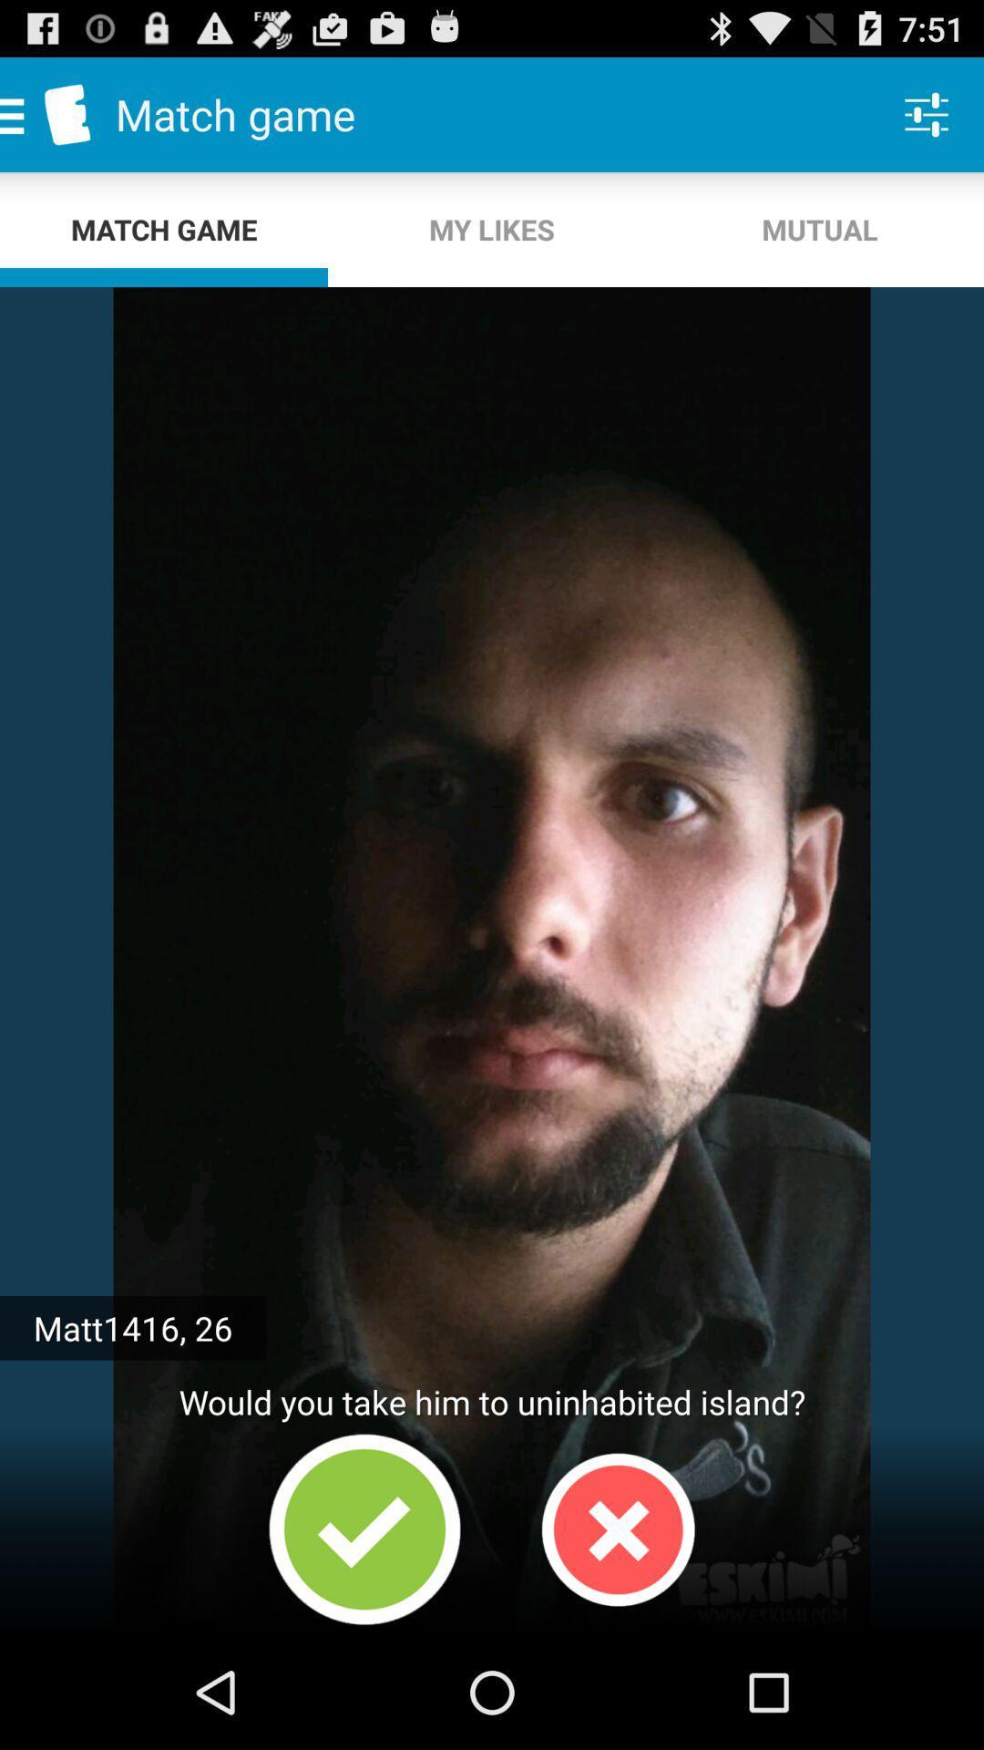  I want to click on the mutual, so click(818, 229).